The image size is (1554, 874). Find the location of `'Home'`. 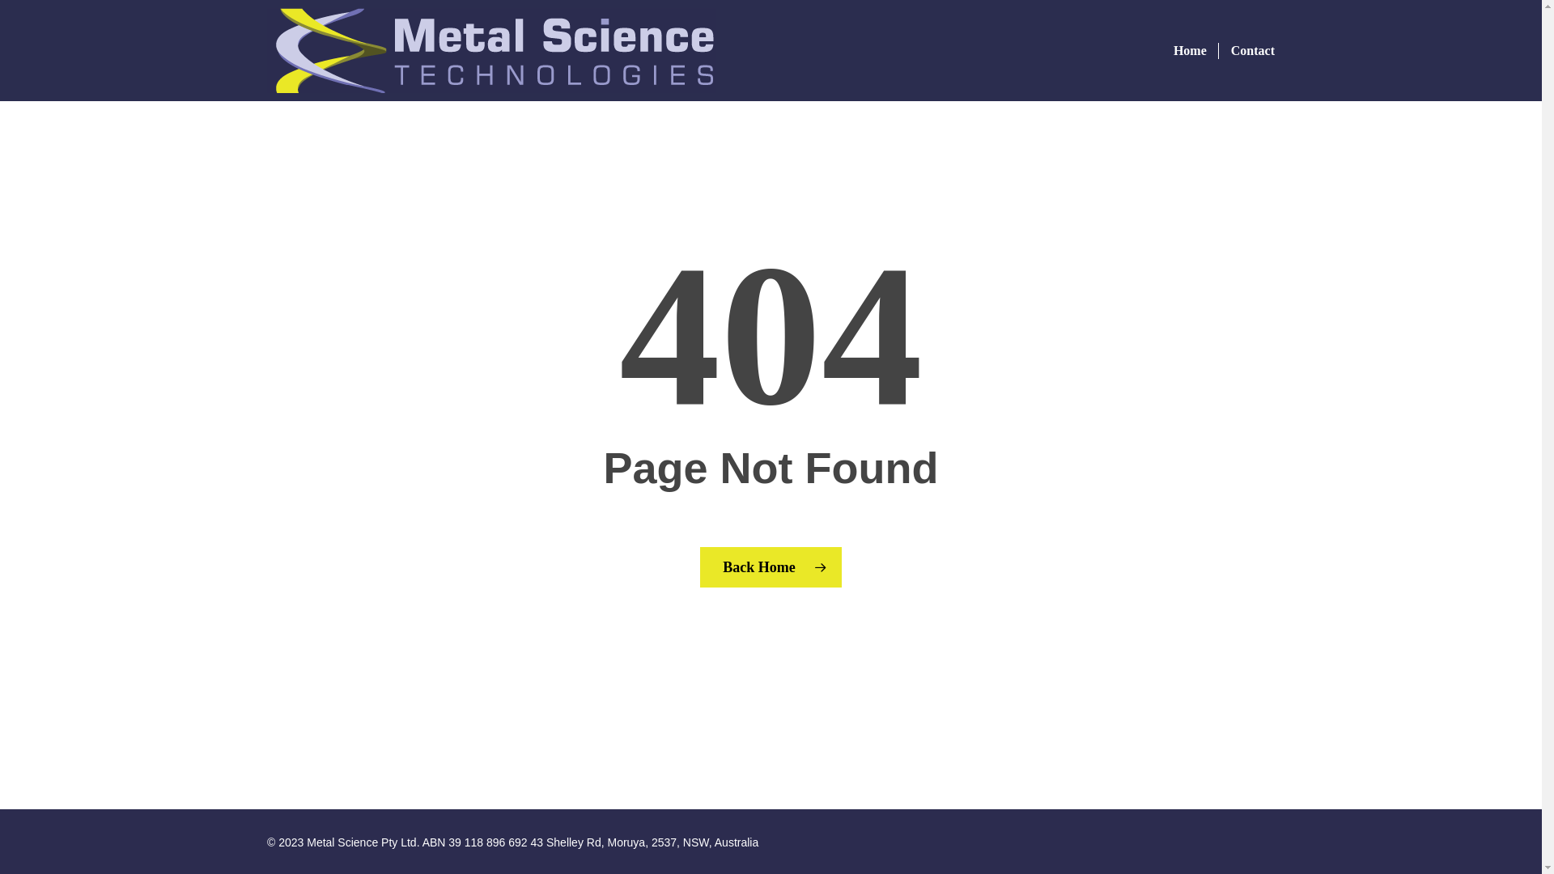

'Home' is located at coordinates (1190, 49).